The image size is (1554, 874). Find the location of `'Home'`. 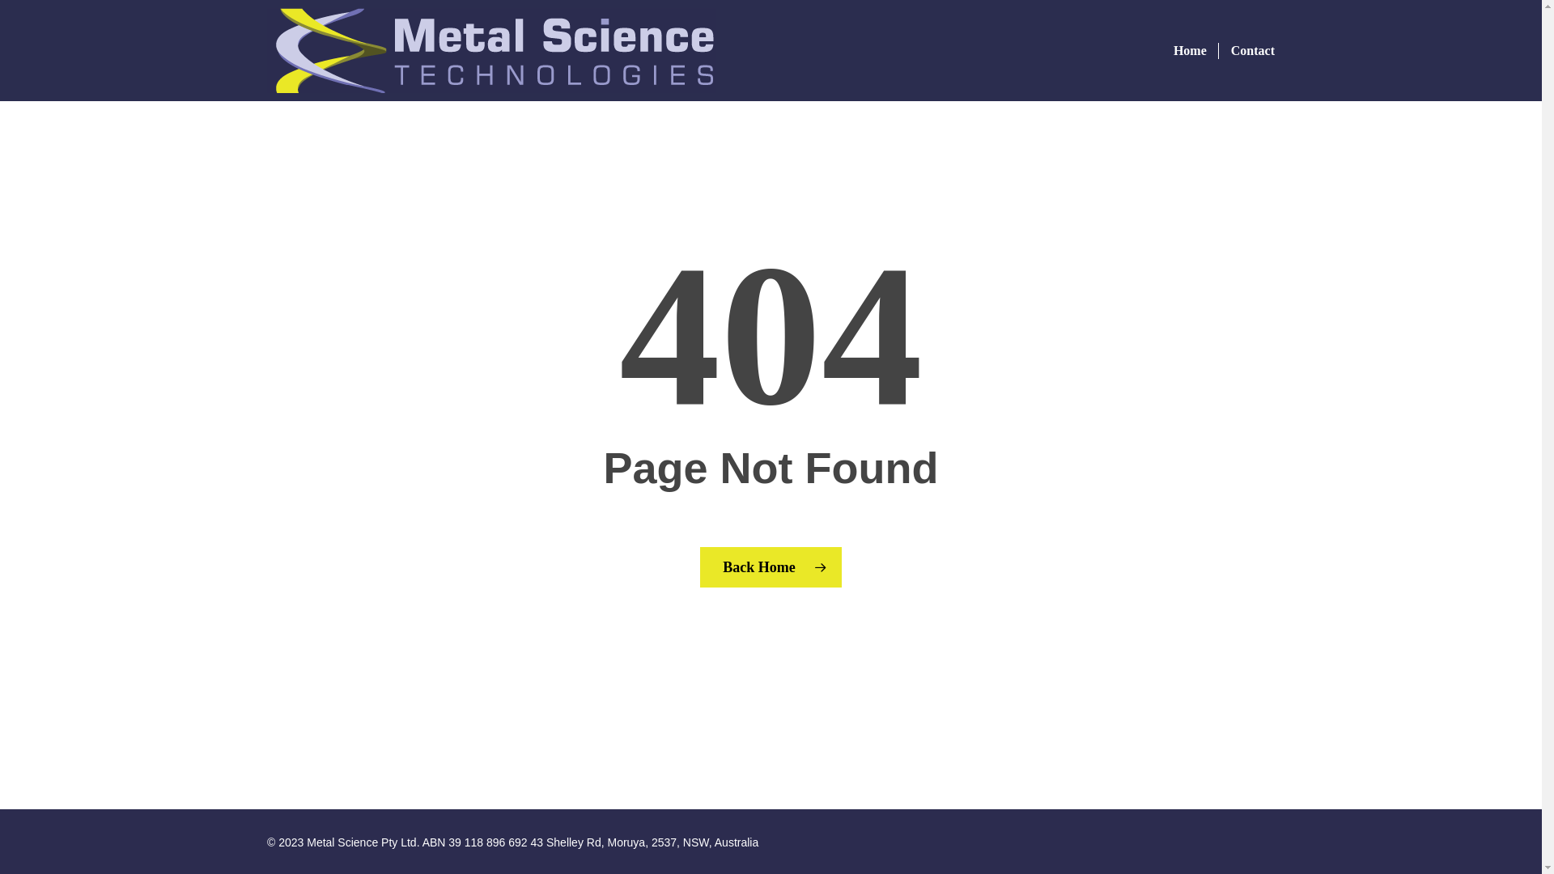

'Home' is located at coordinates (1190, 49).